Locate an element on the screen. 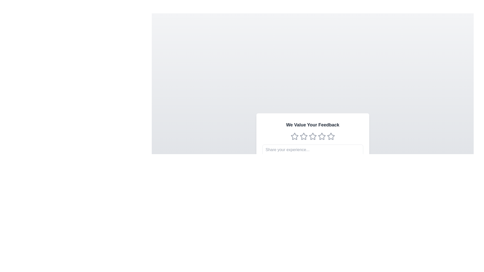  the first rating star icon, which is a hollow star-shaped icon outlined in soft gray is located at coordinates (294, 137).